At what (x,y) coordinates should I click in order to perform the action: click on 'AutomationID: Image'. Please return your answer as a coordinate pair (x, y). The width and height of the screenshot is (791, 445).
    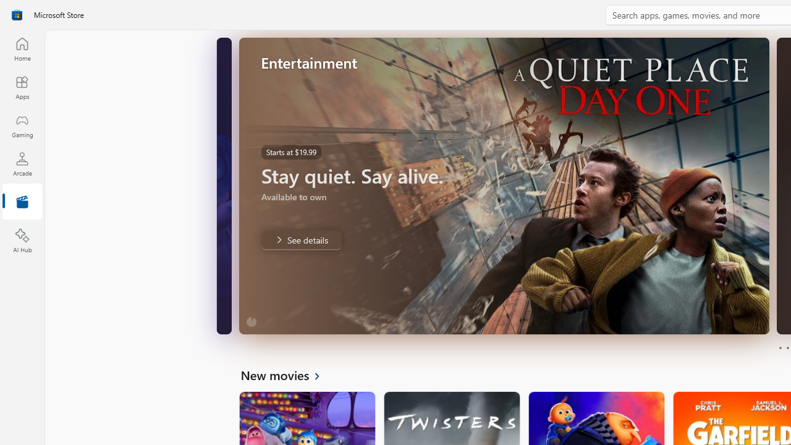
    Looking at the image, I should click on (504, 185).